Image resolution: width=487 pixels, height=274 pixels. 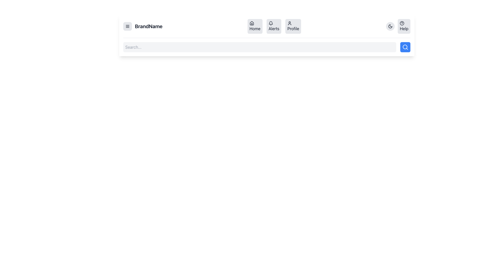 What do you see at coordinates (148, 26) in the screenshot?
I see `the bold 'BrandName' text label located in the top-left corner of the interface, adjacent to the menu icon and above the search bar` at bounding box center [148, 26].